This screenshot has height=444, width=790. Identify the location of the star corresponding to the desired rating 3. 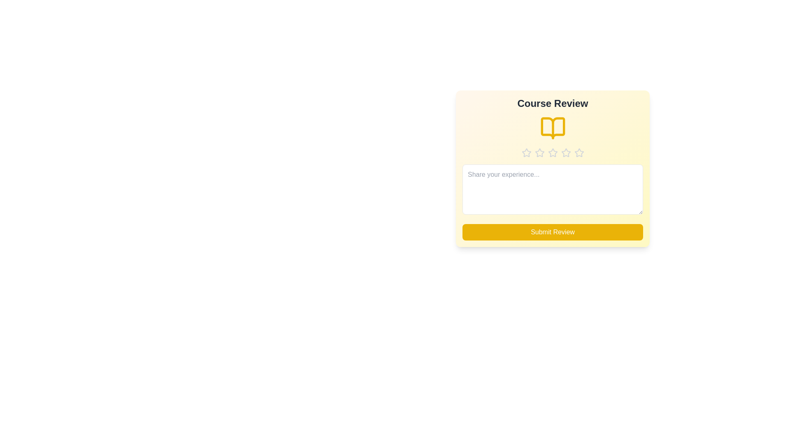
(553, 153).